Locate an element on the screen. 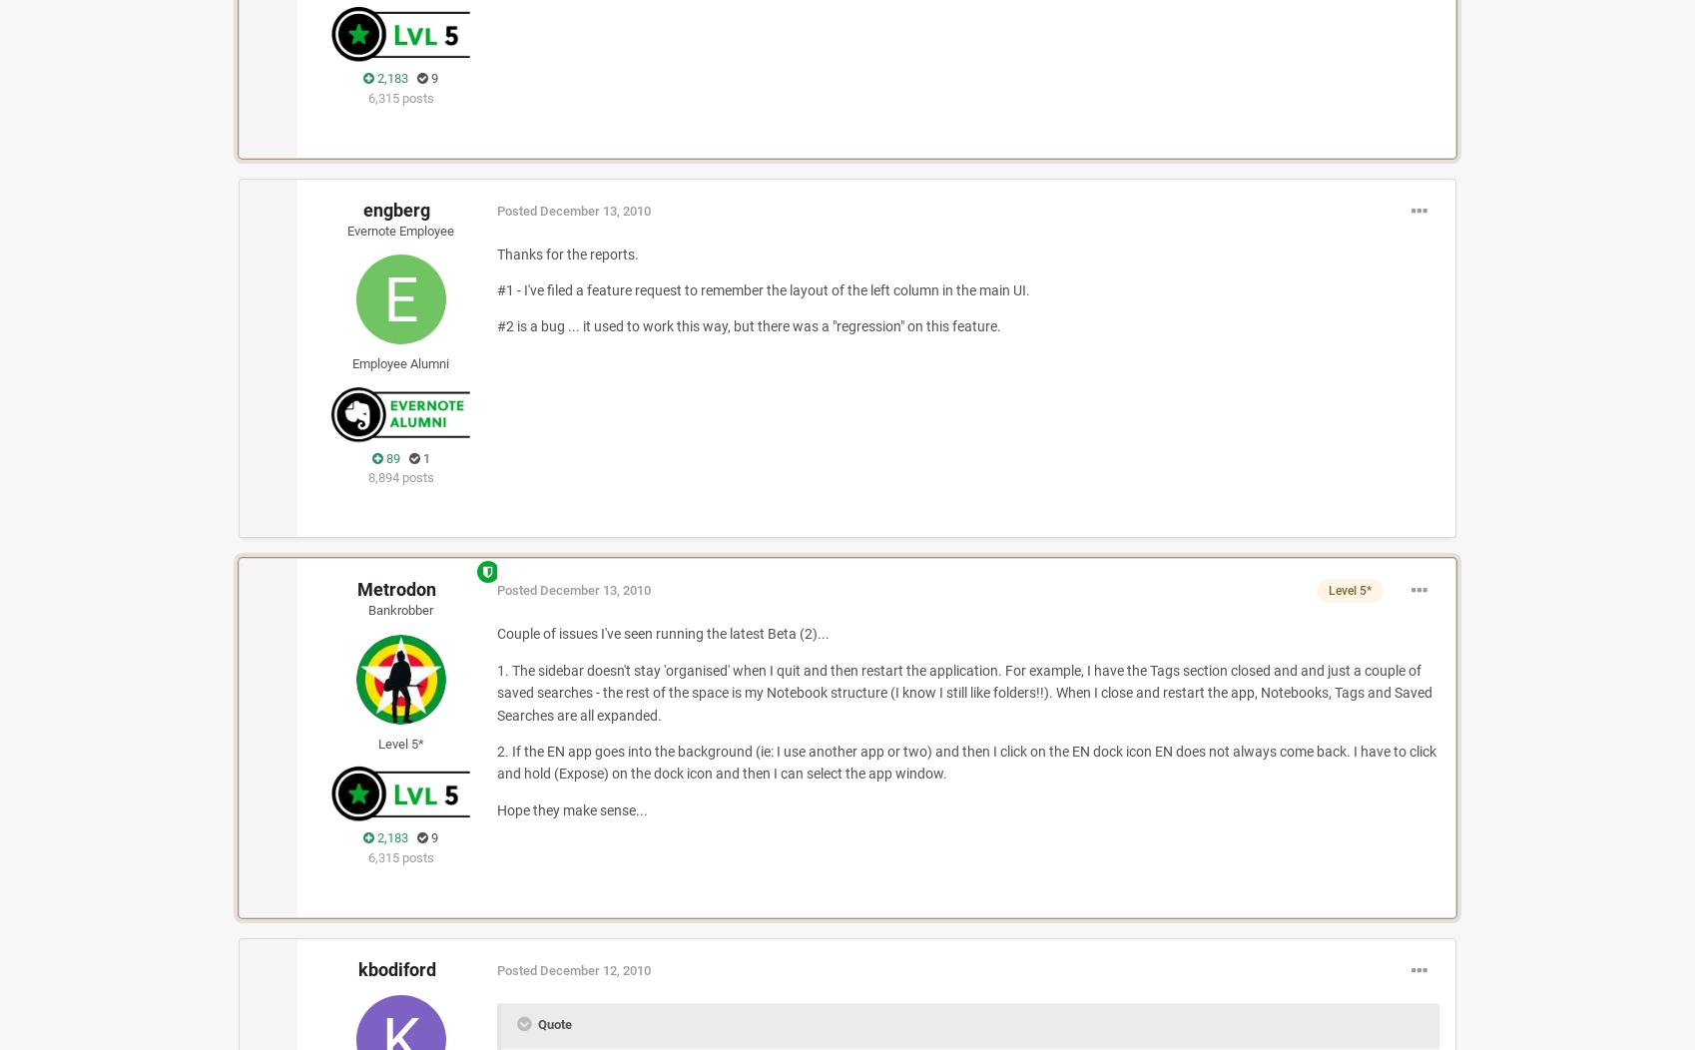 The width and height of the screenshot is (1695, 1050). 'Bankrobber' is located at coordinates (400, 609).